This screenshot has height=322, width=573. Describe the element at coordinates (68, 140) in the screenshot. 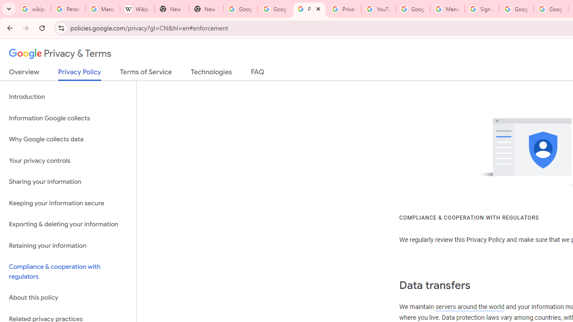

I see `'Why Google collects data'` at that location.